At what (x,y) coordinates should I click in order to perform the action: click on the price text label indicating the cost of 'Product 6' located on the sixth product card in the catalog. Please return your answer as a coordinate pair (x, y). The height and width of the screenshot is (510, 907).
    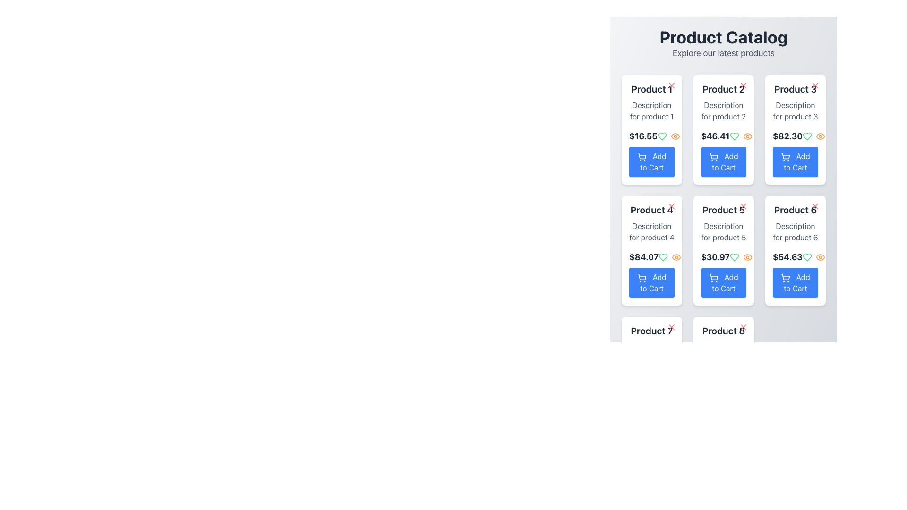
    Looking at the image, I should click on (795, 257).